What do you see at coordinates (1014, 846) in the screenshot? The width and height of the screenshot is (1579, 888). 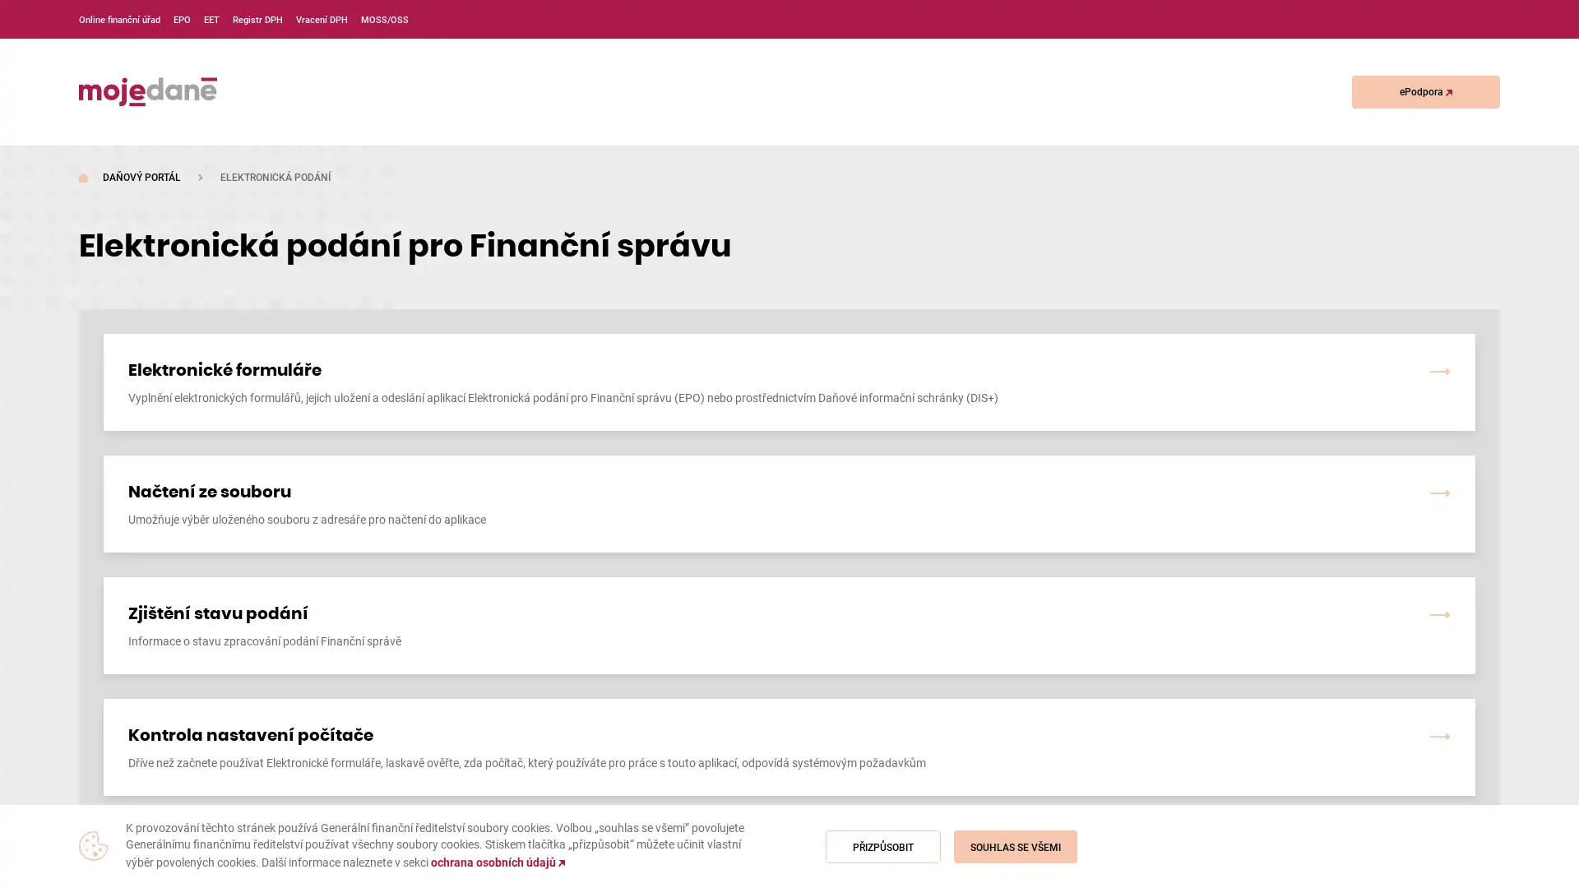 I see `SOUHLAS SE VSEMI` at bounding box center [1014, 846].